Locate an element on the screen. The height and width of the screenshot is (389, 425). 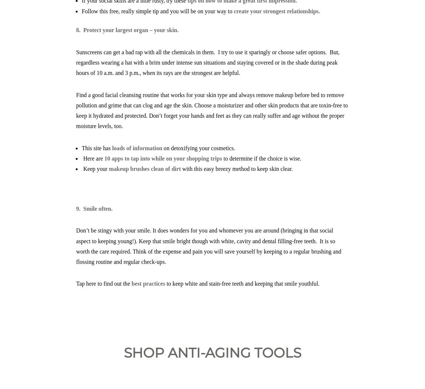
'best practices' is located at coordinates (148, 283).